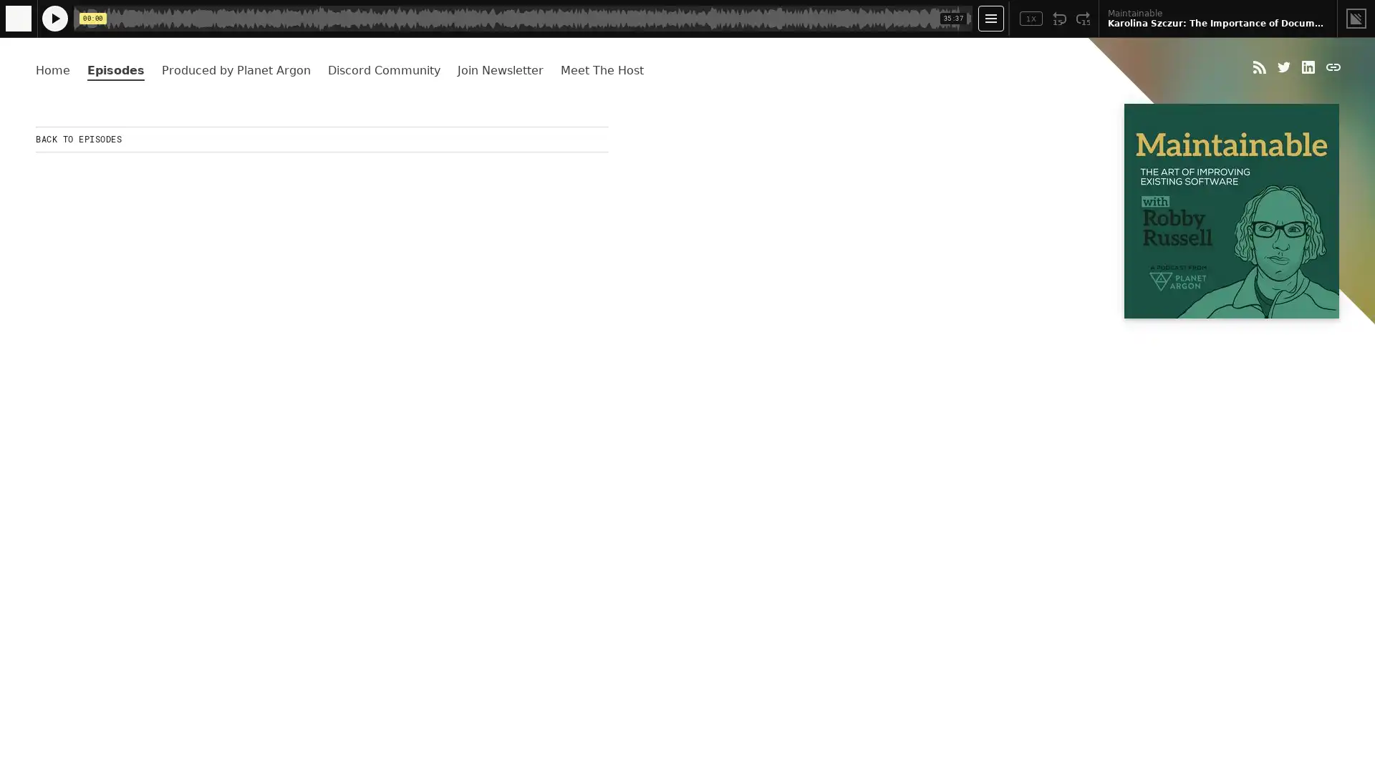  Describe the element at coordinates (990, 19) in the screenshot. I see `Open Player Settings` at that location.